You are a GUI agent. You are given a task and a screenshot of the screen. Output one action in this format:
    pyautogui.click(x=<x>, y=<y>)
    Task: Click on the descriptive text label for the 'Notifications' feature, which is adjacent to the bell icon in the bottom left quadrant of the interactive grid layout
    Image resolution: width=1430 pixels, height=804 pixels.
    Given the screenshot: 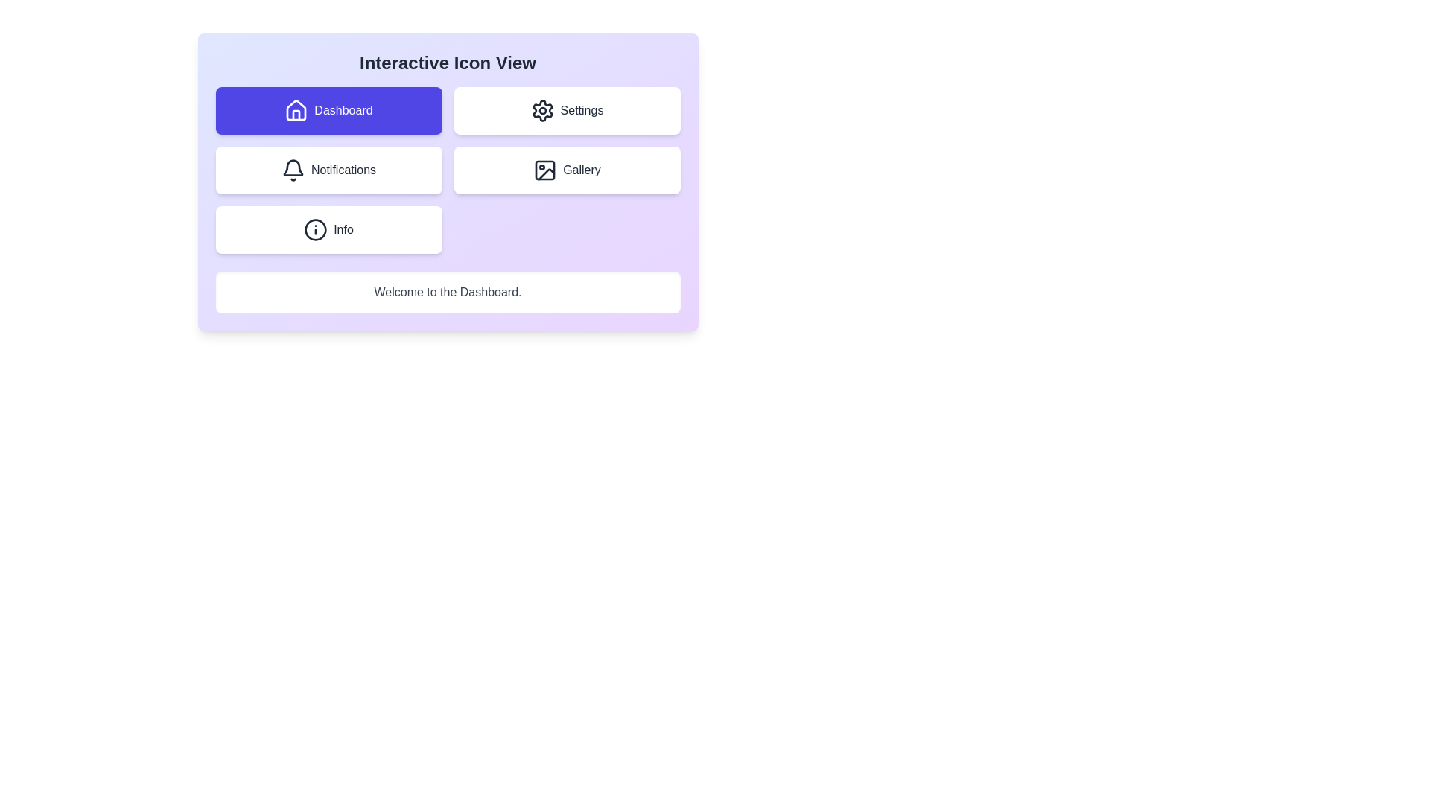 What is the action you would take?
    pyautogui.click(x=343, y=169)
    